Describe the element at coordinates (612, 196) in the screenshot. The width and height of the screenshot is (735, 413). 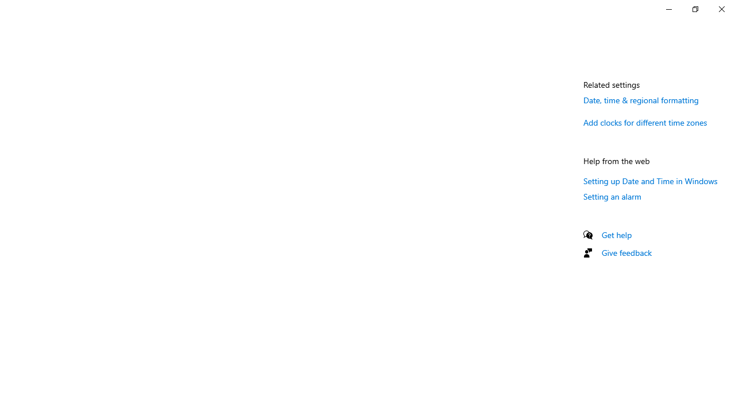
I see `'Setting an alarm'` at that location.